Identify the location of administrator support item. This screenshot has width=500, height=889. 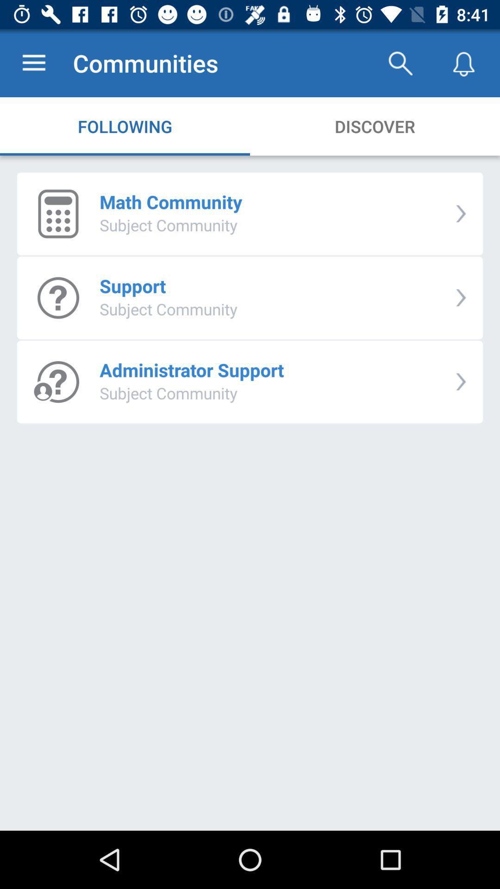
(191, 369).